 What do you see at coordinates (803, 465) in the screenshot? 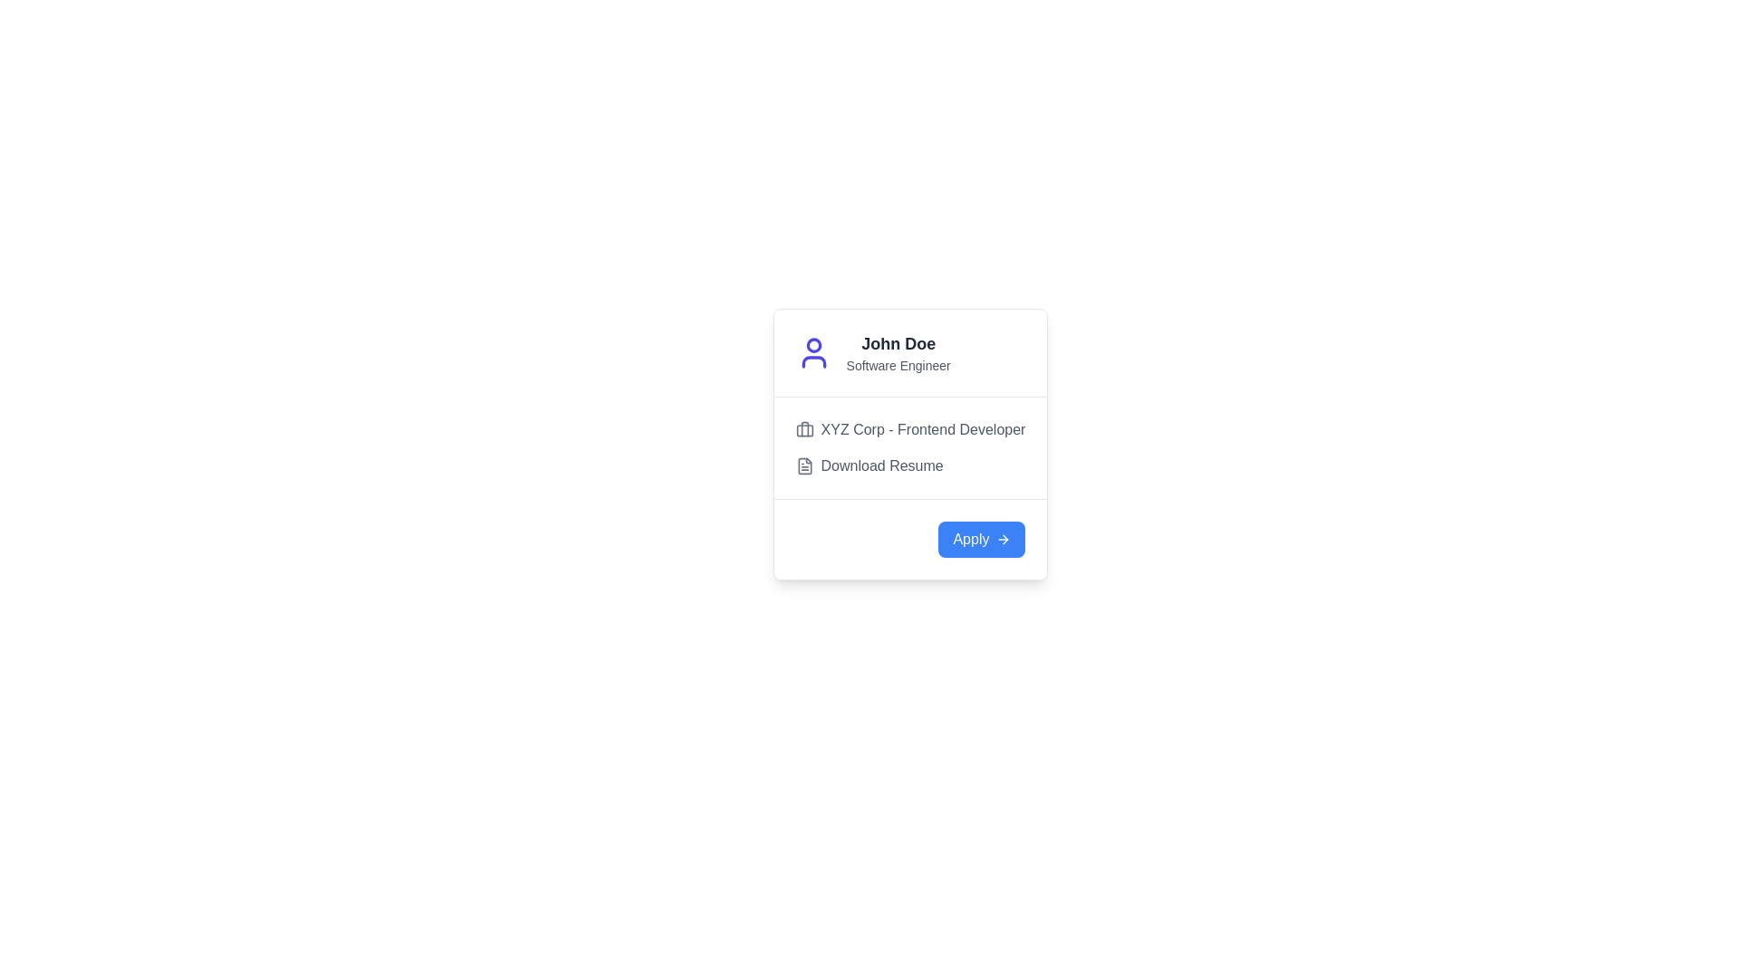
I see `the SVG Icon that visually indicates the association with the 'Download Resume' label, located to the left of the text within the middle section of the card component` at bounding box center [803, 465].